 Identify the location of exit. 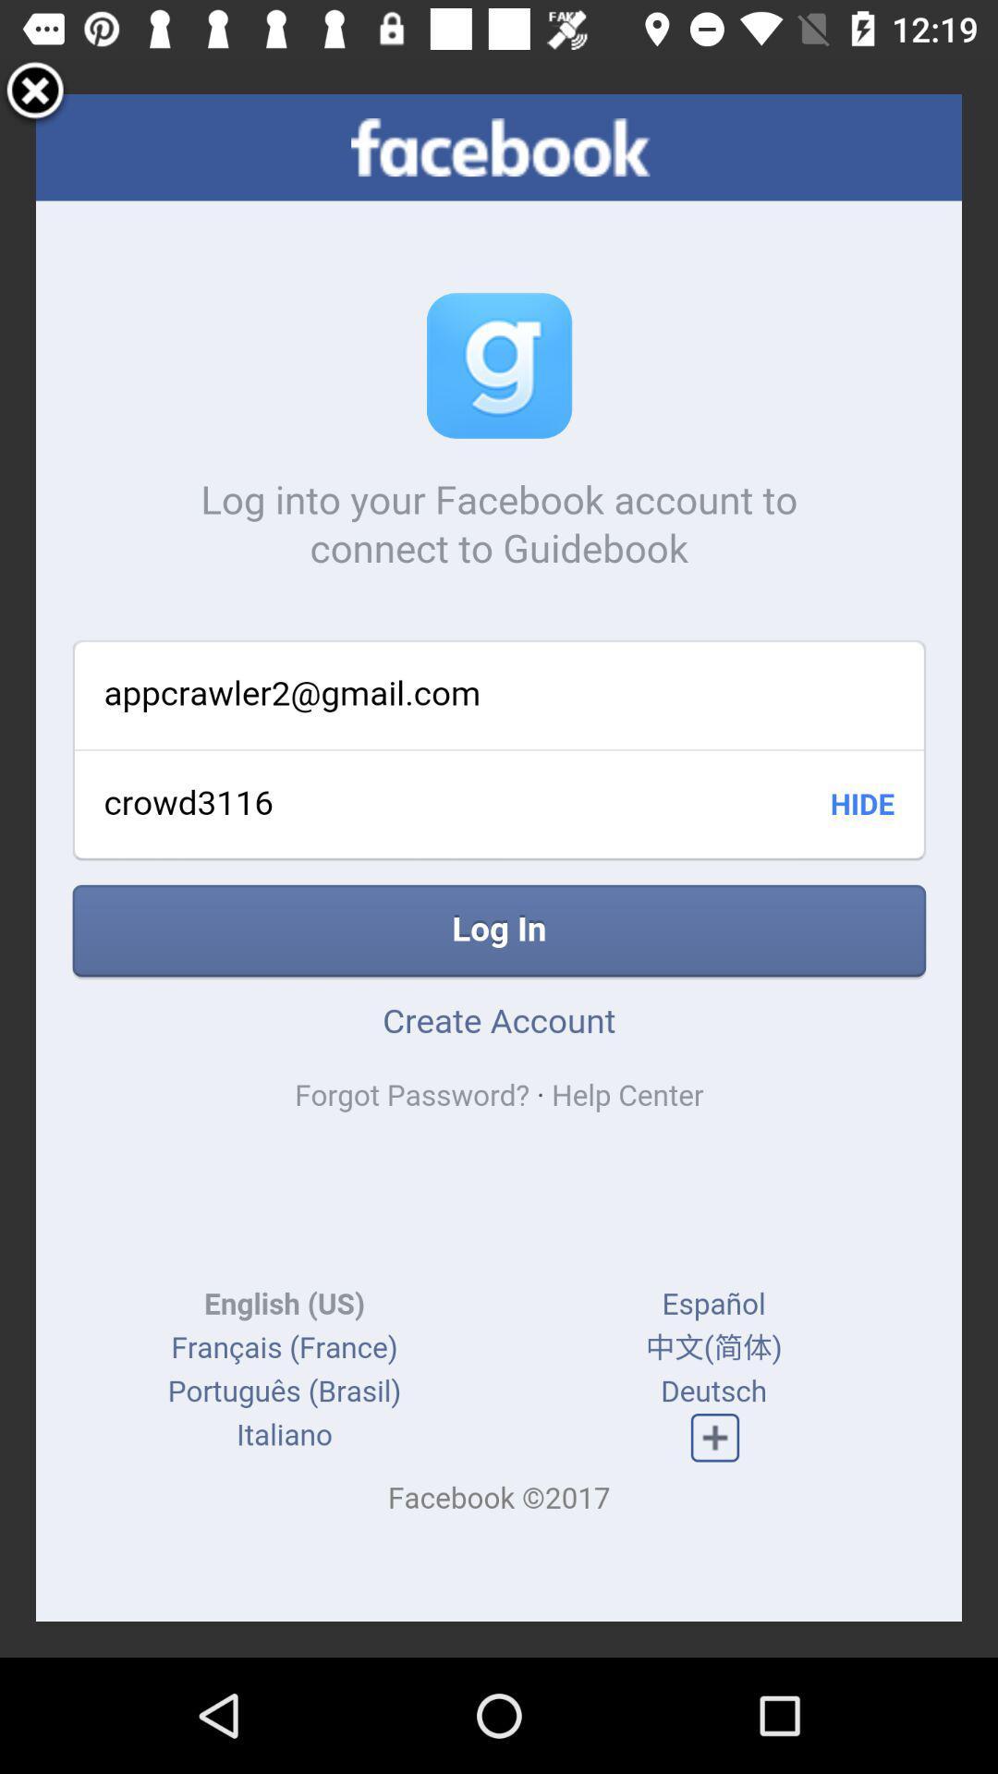
(35, 92).